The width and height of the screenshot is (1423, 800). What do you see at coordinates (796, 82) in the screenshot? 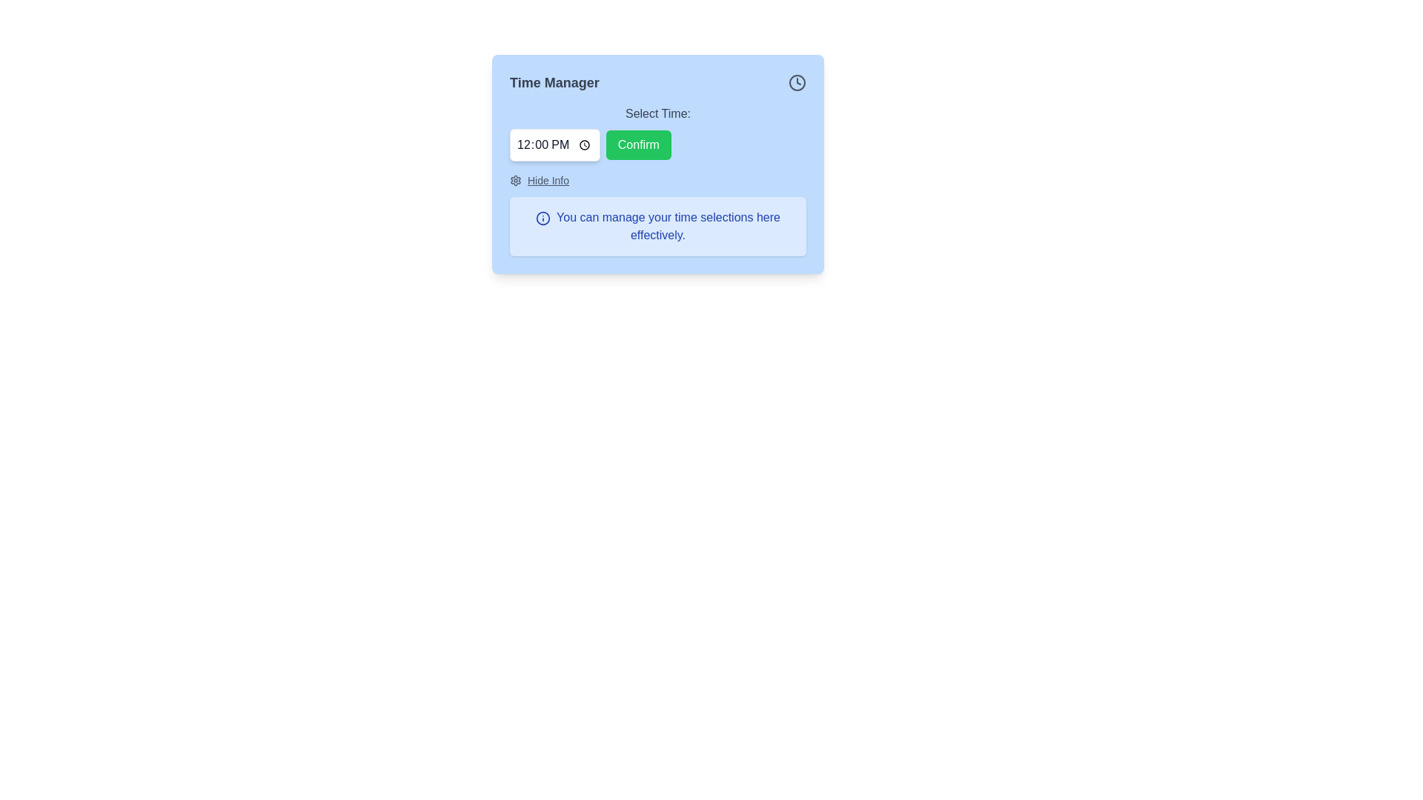
I see `the clock face icon located in the top-right corner of the interface, next to the 'Time Manager' title area` at bounding box center [796, 82].